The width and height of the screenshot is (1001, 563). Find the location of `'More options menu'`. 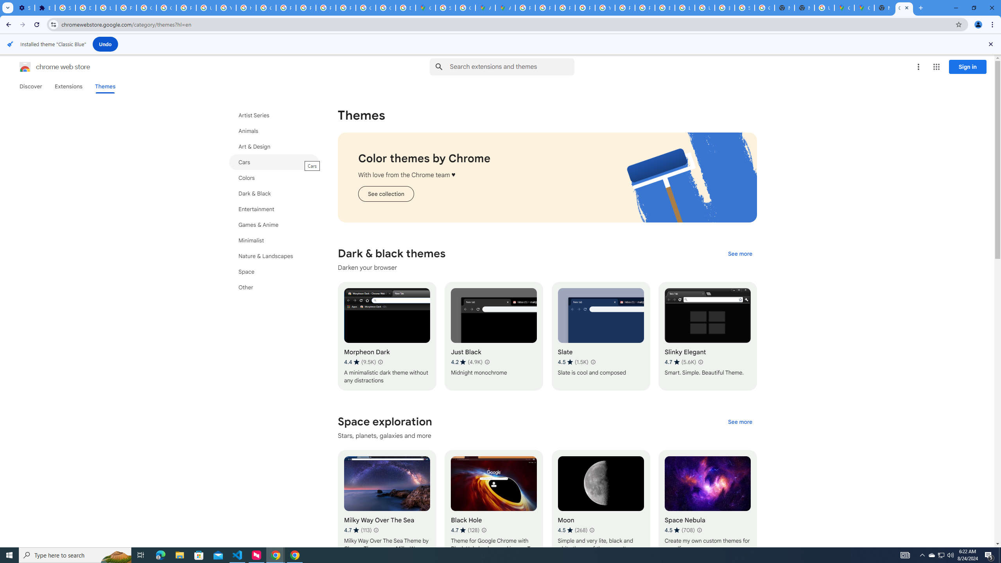

'More options menu' is located at coordinates (918, 67).